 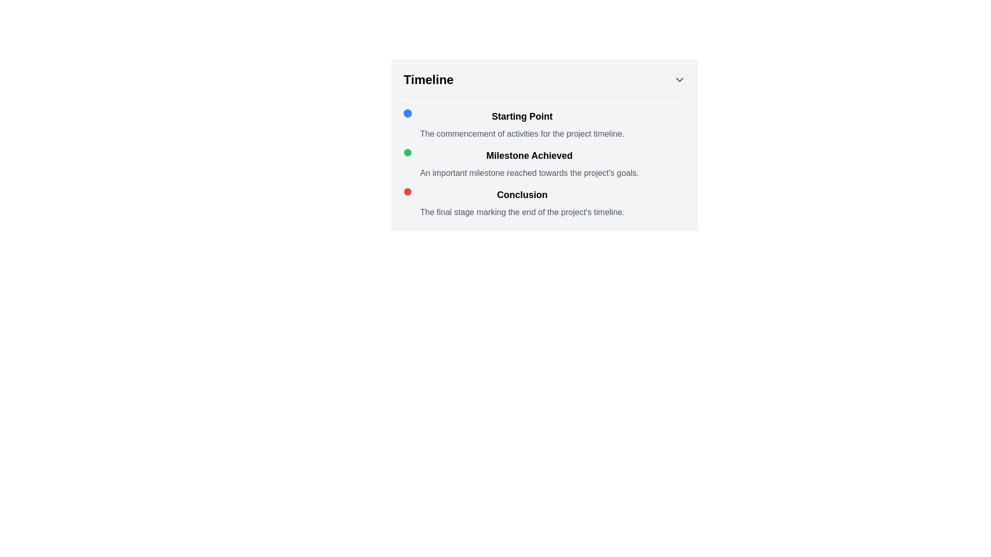 I want to click on the text block with the heading 'Milestone Achieved' and description 'An important milestone reached towards the project's goals', which features a green circular icon on the left side, so click(x=544, y=163).